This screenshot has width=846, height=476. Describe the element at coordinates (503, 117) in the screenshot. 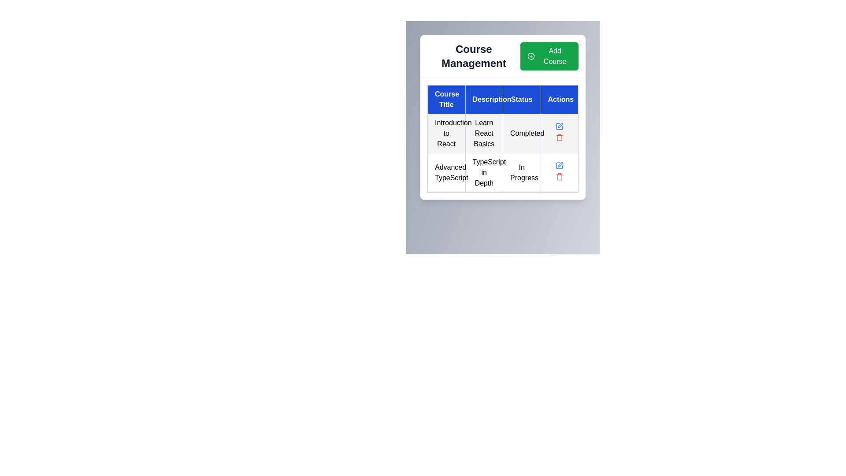

I see `properties of the course management table located below the 'Course Management' title and 'Add Course' button, positioned at the center top of the interface` at that location.